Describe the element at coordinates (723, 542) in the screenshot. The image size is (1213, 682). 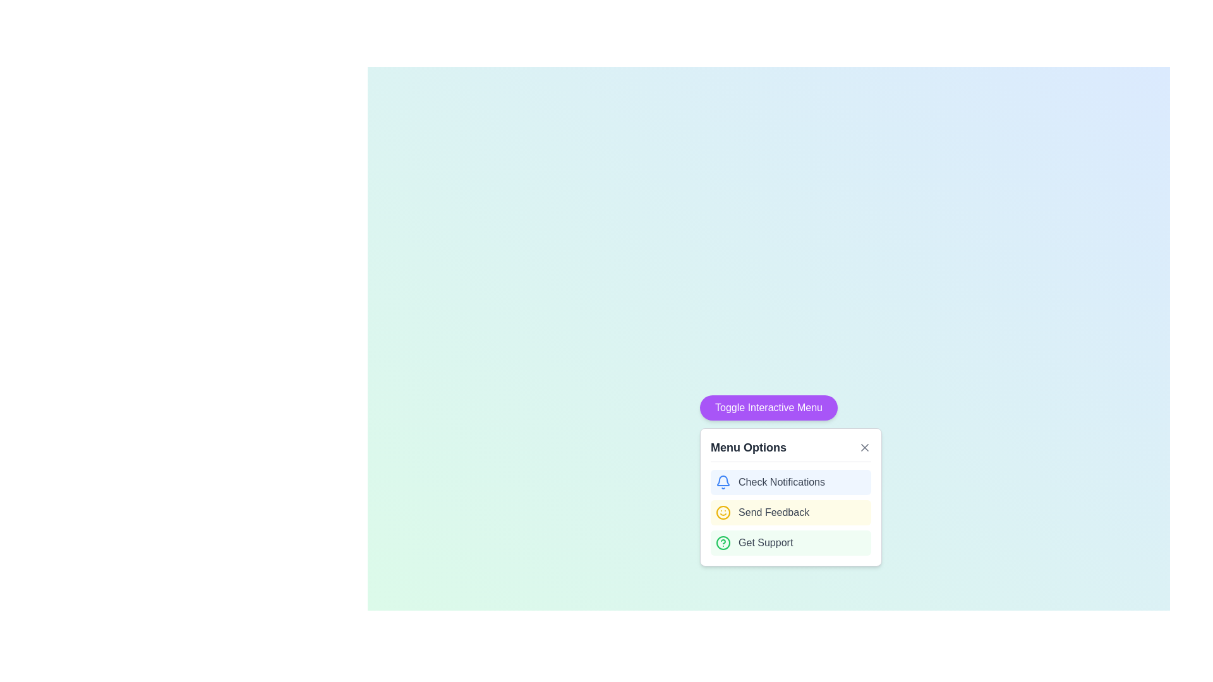
I see `the circular icon with a green outline and a question mark inside, located to the left of the 'Get Support' text` at that location.